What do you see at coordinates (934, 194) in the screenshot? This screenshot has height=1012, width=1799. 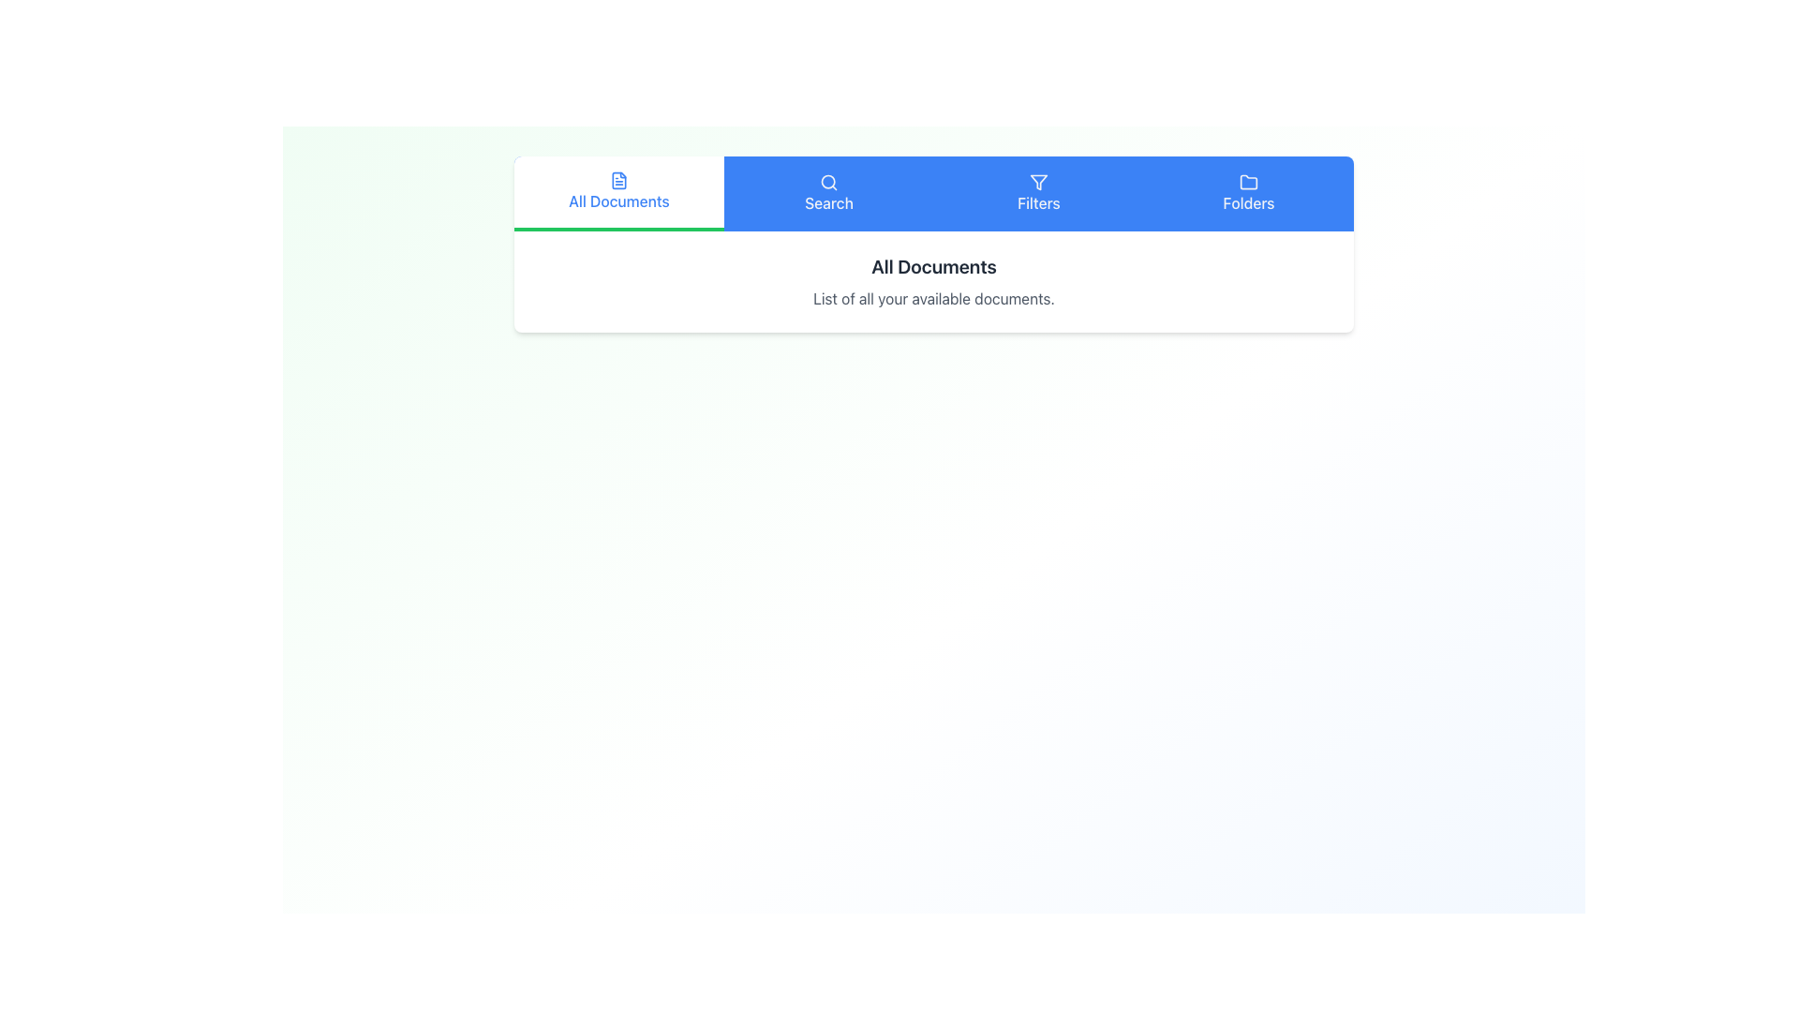 I see `the Navigation bar` at bounding box center [934, 194].